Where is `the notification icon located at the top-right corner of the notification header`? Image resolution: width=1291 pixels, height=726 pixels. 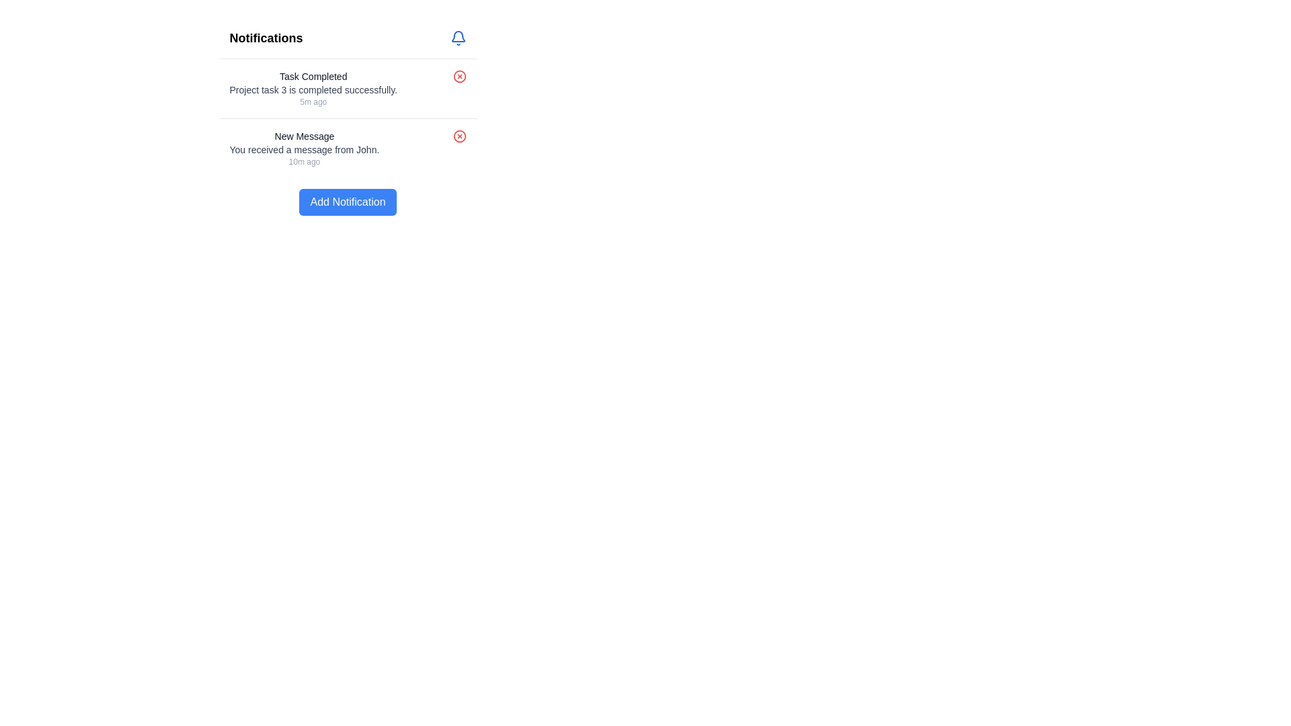 the notification icon located at the top-right corner of the notification header is located at coordinates (458, 38).